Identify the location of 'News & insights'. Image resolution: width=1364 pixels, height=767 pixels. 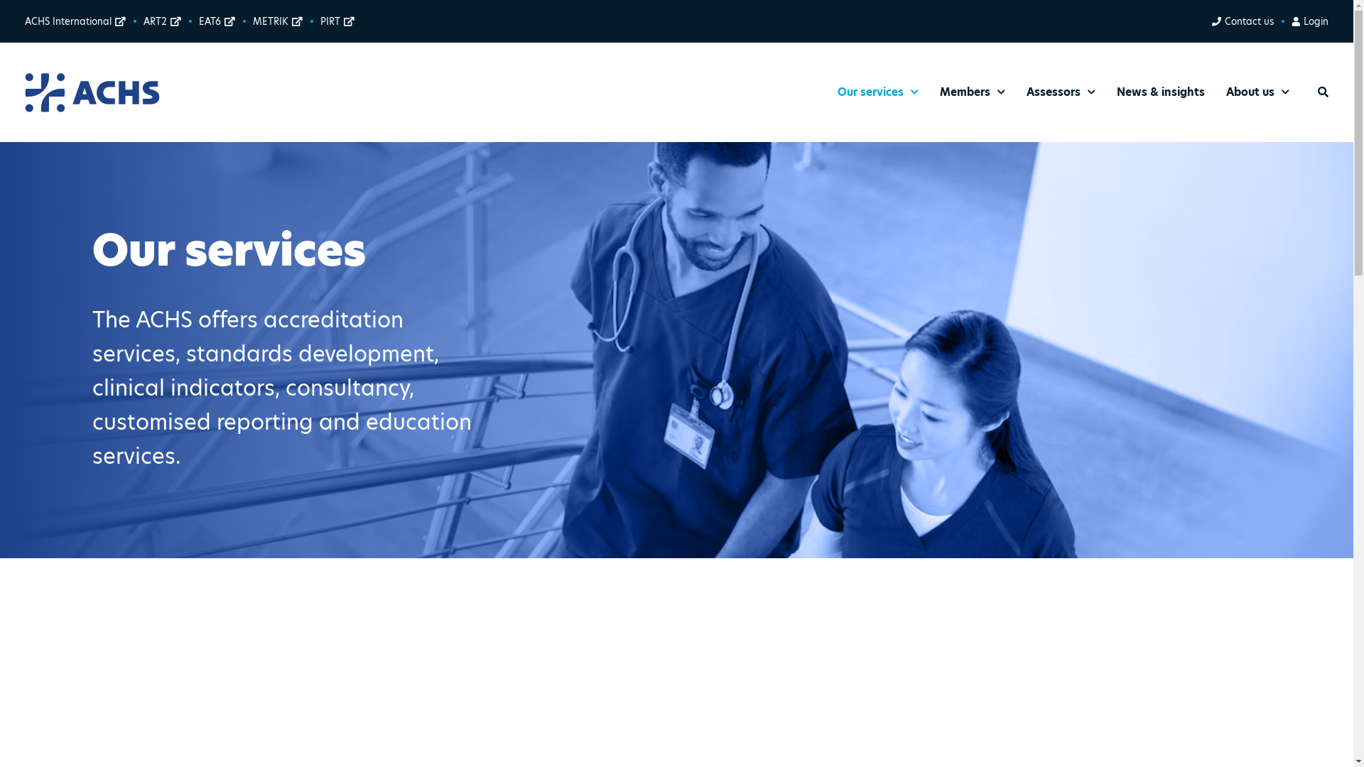
(1160, 92).